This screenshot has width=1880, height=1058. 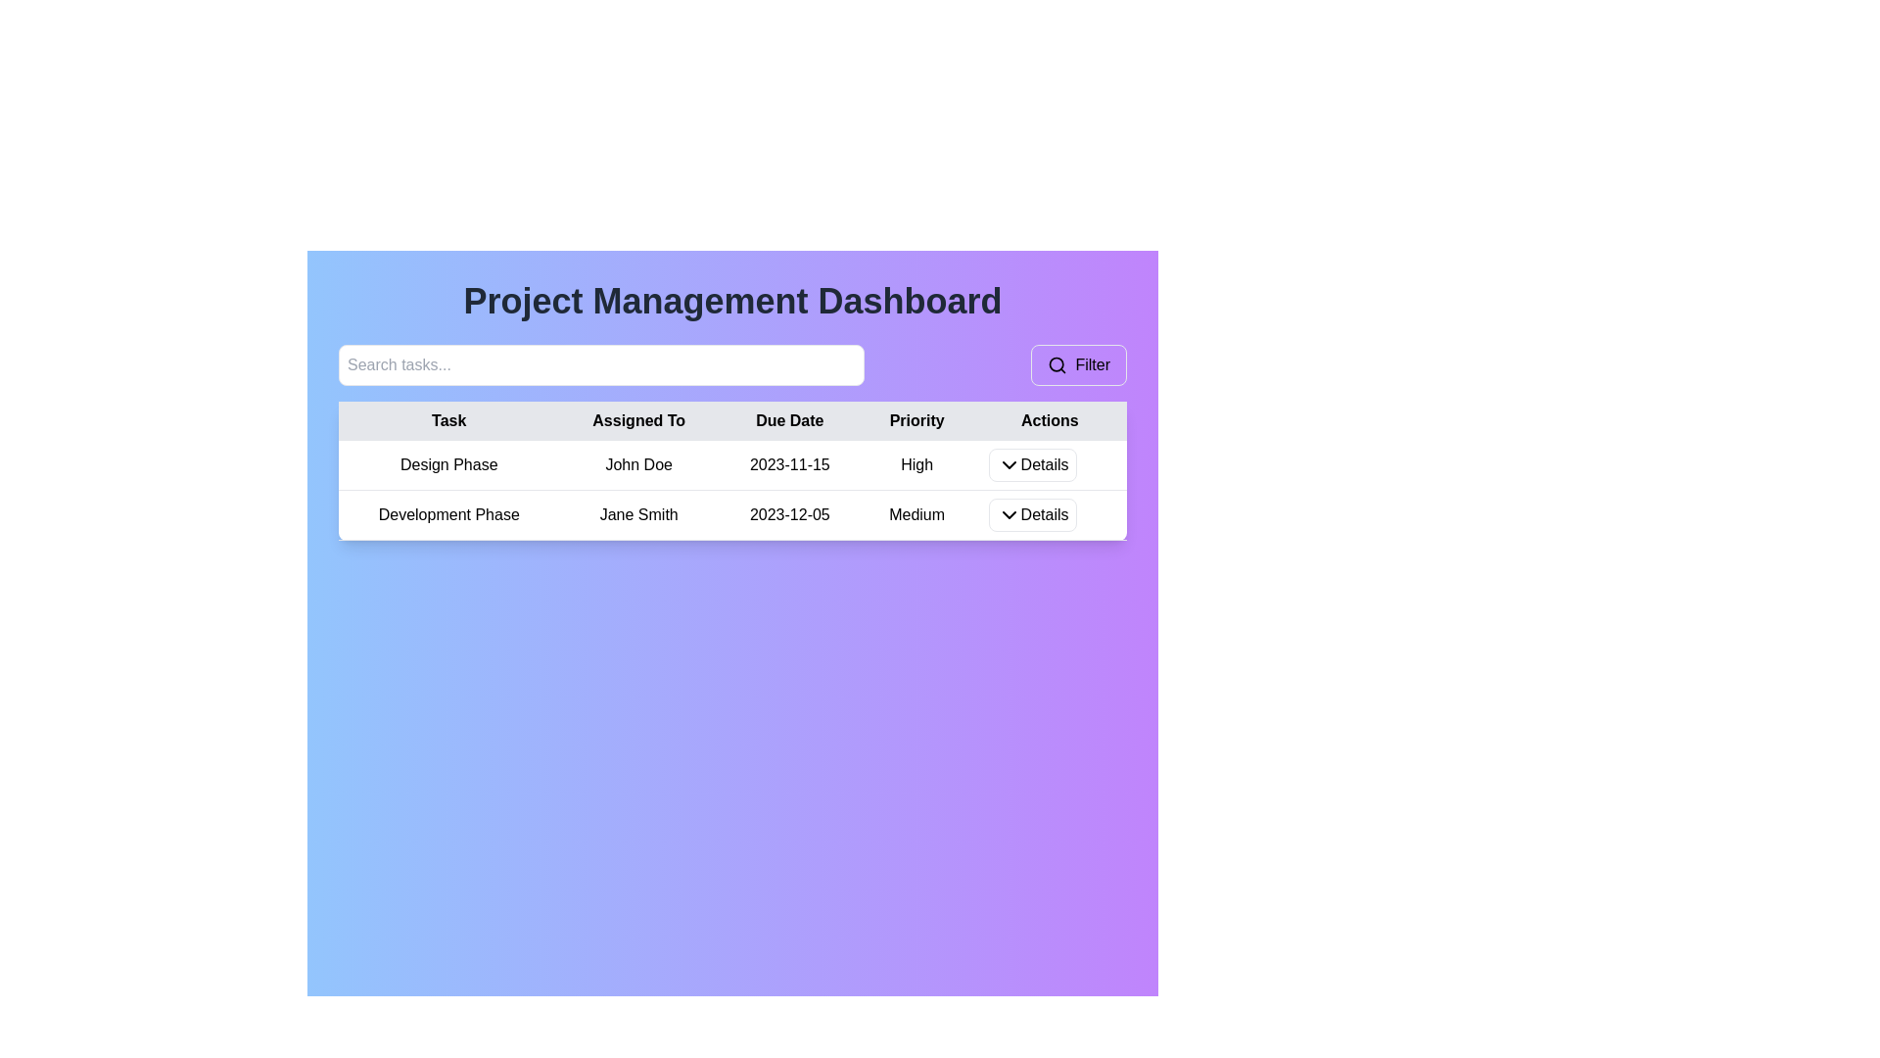 I want to click on the first row of the table under the 'Project Management Dashboard' section to focus on the task details, so click(x=731, y=465).